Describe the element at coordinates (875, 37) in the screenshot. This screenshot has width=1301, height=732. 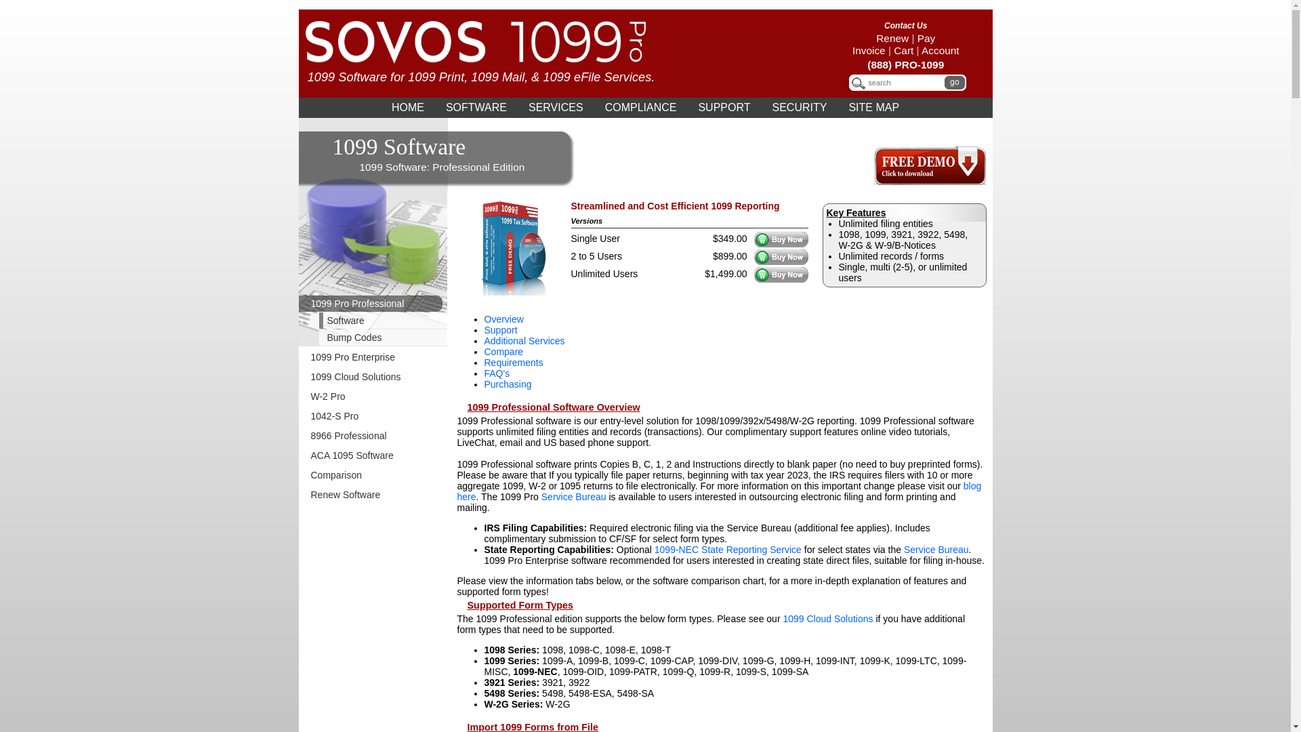
I see `'Renew'` at that location.